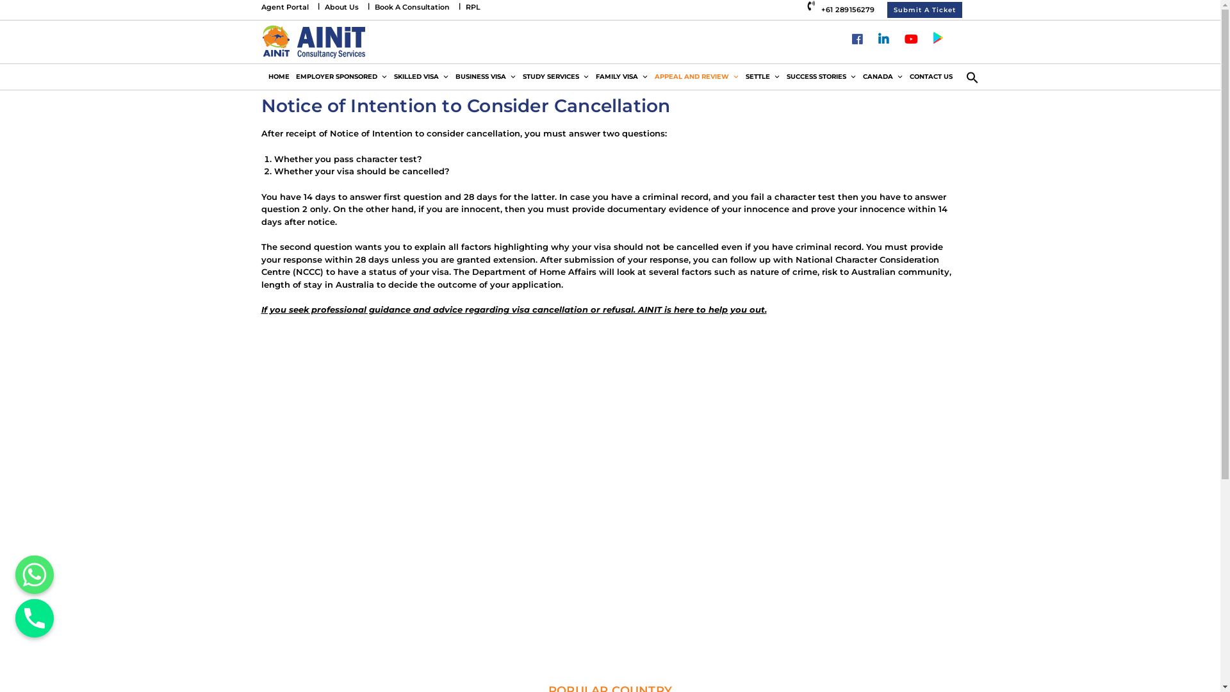 The width and height of the screenshot is (1230, 692). Describe the element at coordinates (885, 10) in the screenshot. I see `'Submit A Ticket'` at that location.